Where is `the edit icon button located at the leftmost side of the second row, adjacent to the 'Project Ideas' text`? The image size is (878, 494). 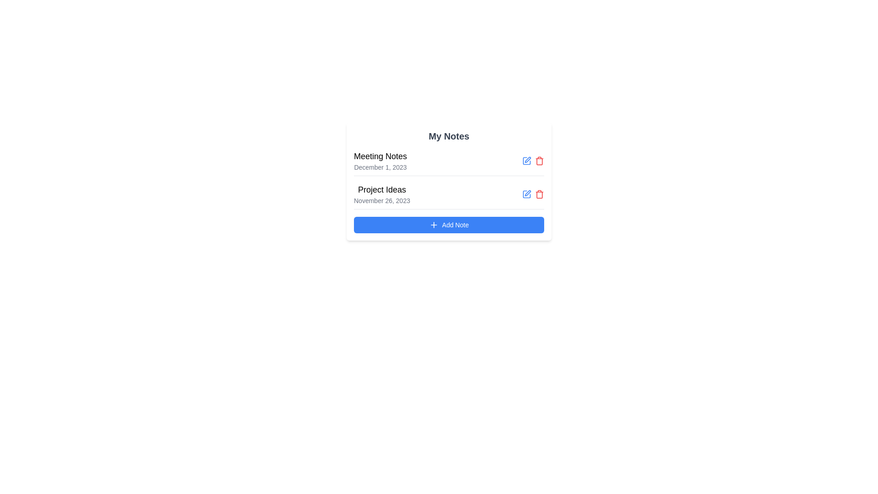
the edit icon button located at the leftmost side of the second row, adjacent to the 'Project Ideas' text is located at coordinates (527, 193).